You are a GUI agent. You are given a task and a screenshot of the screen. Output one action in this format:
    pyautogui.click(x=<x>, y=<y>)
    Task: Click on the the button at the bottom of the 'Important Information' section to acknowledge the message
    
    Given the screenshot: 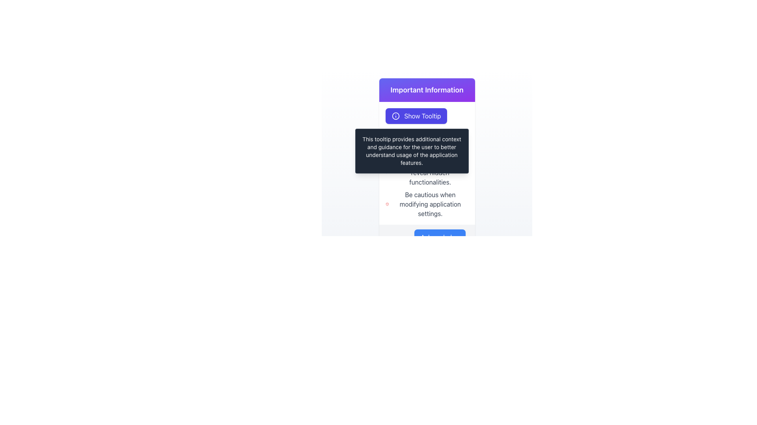 What is the action you would take?
    pyautogui.click(x=427, y=237)
    